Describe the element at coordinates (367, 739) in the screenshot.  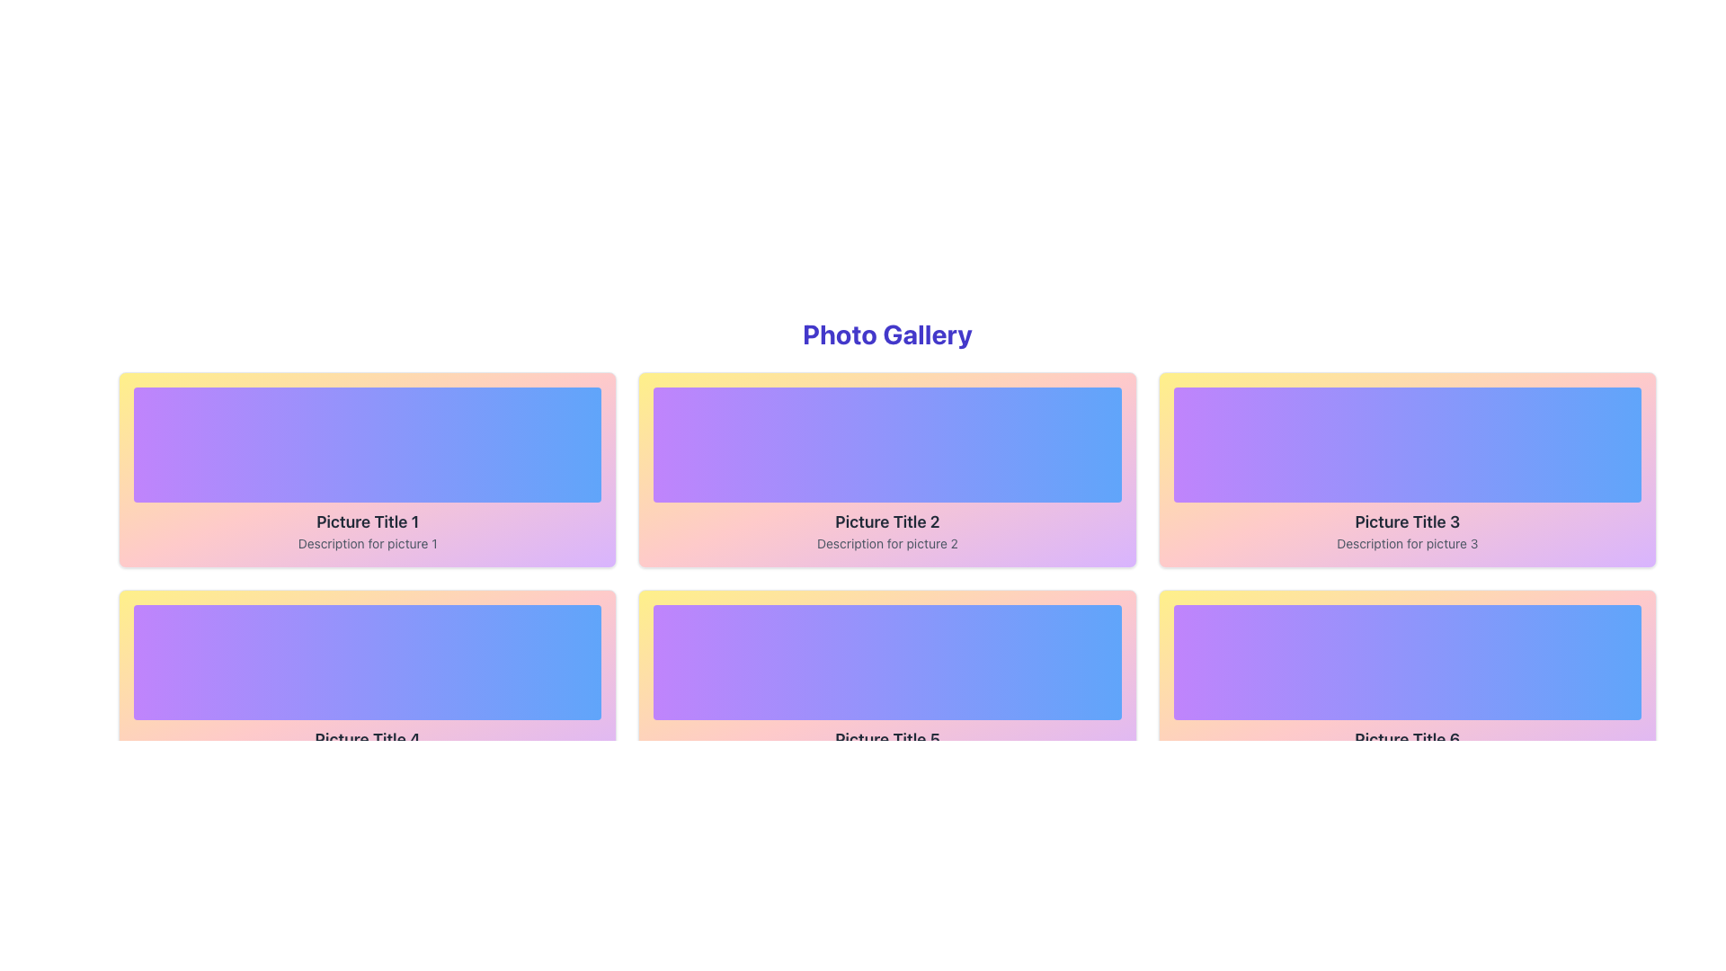
I see `the text label displaying 'Picture Title 4' in bold gray style, located in the second row, first column of a grid layout` at that location.